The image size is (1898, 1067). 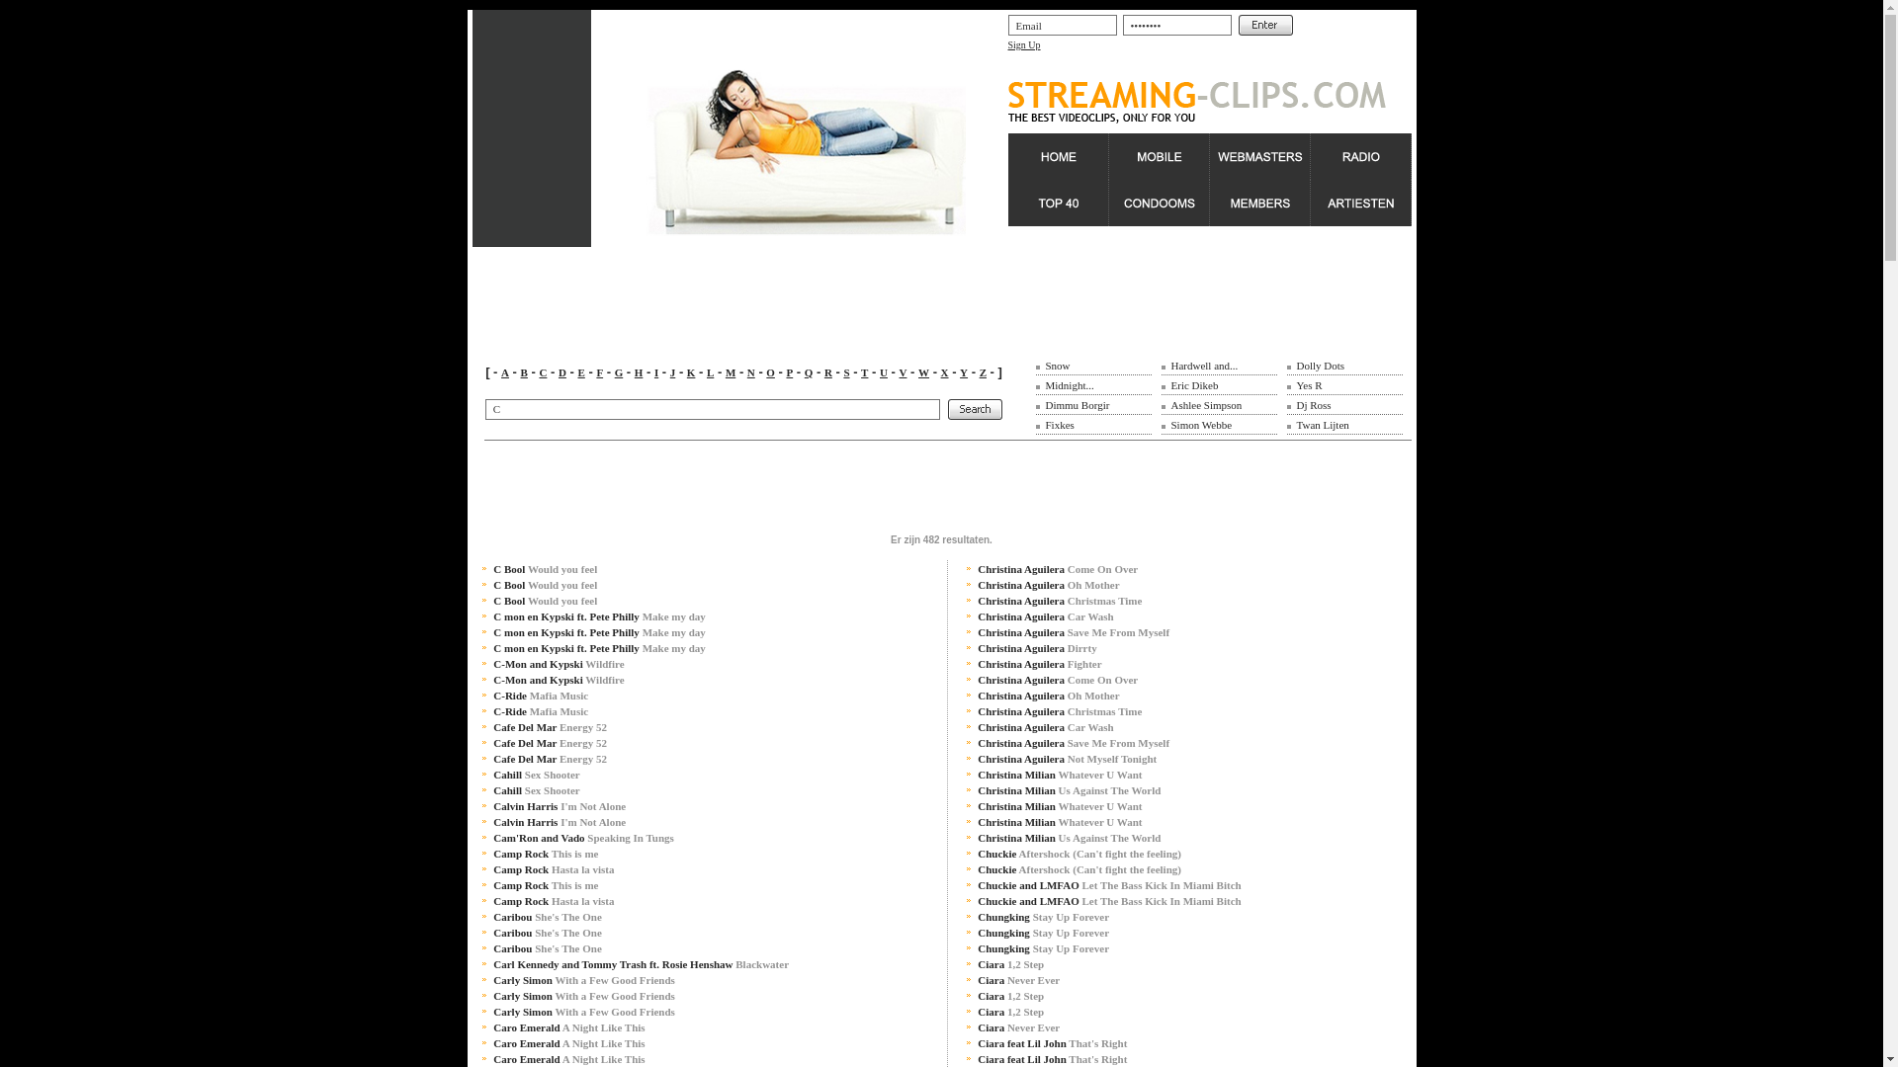 I want to click on 'Ciara 1,2 Step', so click(x=1010, y=995).